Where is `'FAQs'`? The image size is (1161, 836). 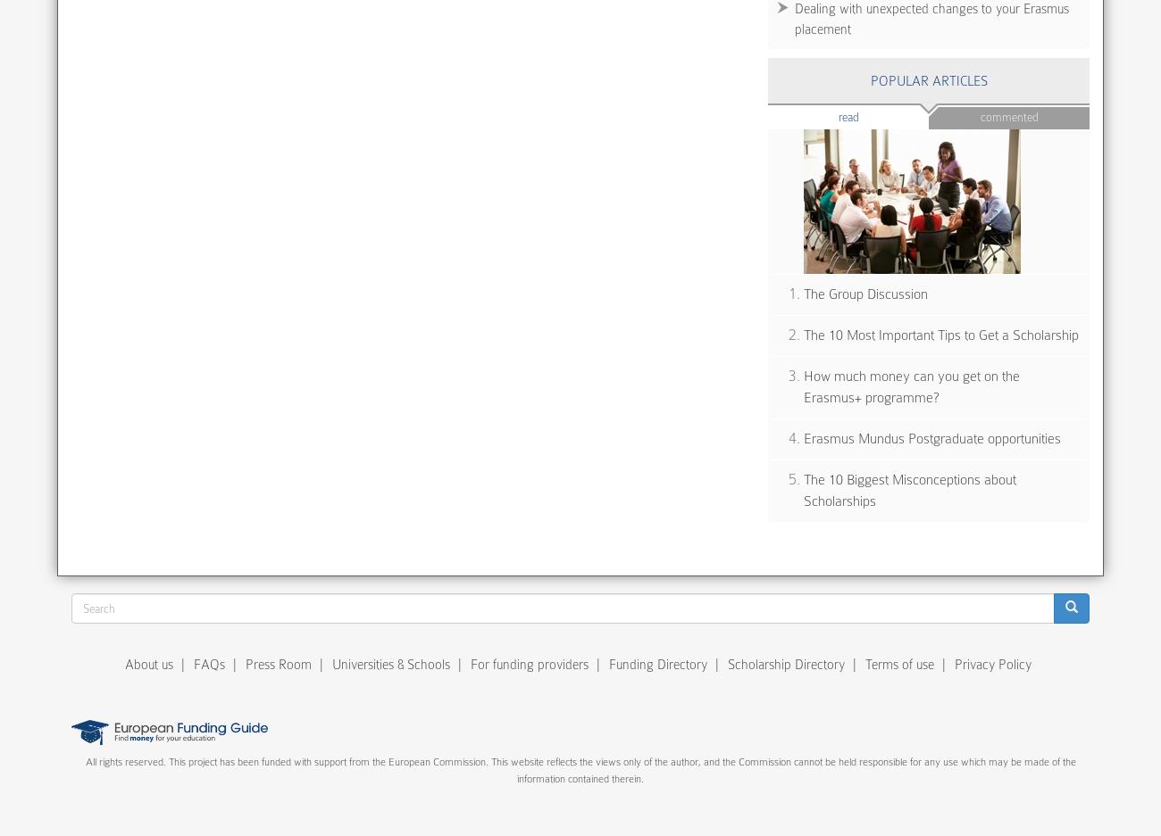
'FAQs' is located at coordinates (208, 664).